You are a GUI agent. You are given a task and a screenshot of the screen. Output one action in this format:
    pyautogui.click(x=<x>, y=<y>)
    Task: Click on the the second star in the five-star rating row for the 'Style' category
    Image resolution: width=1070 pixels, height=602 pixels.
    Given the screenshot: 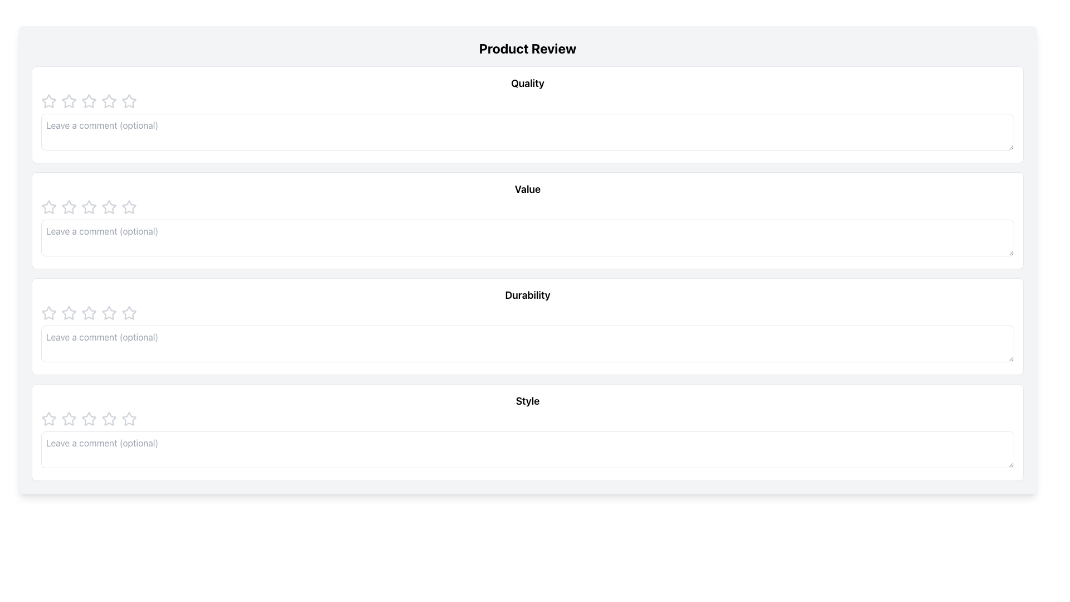 What is the action you would take?
    pyautogui.click(x=69, y=419)
    